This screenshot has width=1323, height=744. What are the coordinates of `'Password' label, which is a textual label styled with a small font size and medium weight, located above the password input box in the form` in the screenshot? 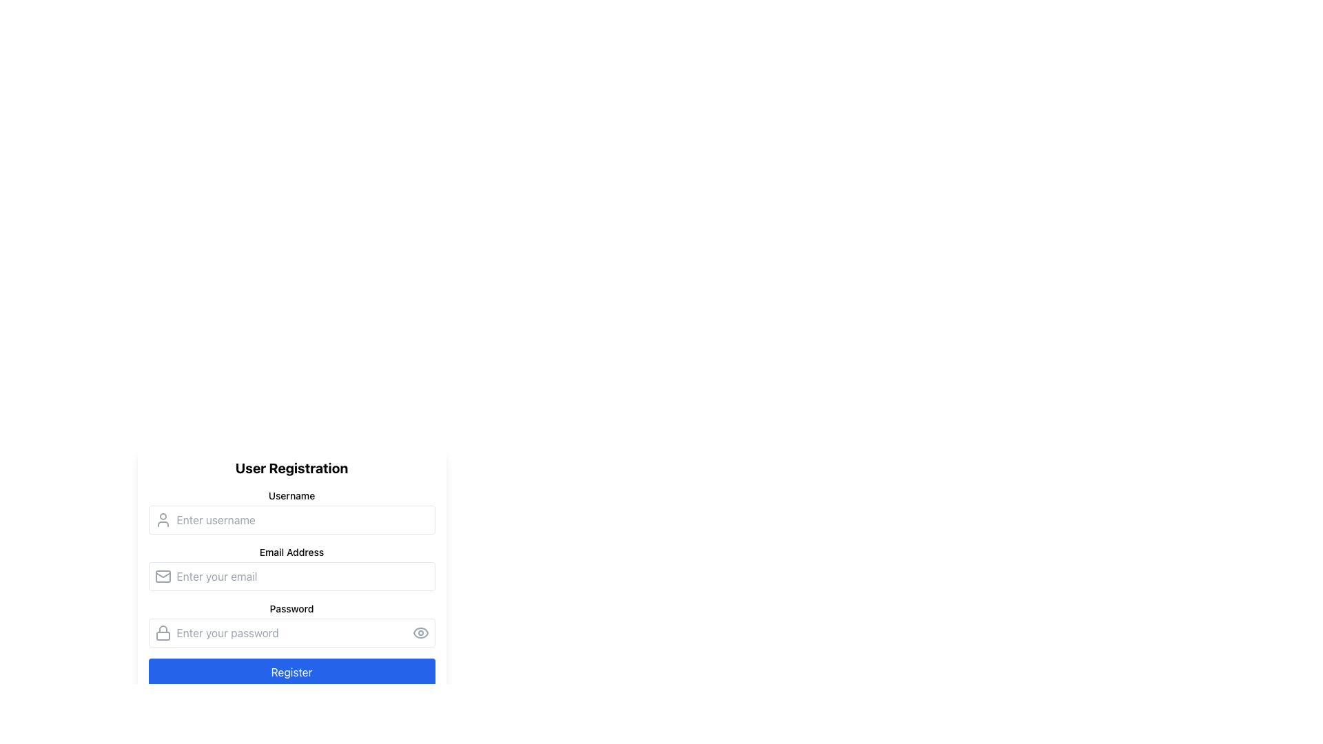 It's located at (291, 608).